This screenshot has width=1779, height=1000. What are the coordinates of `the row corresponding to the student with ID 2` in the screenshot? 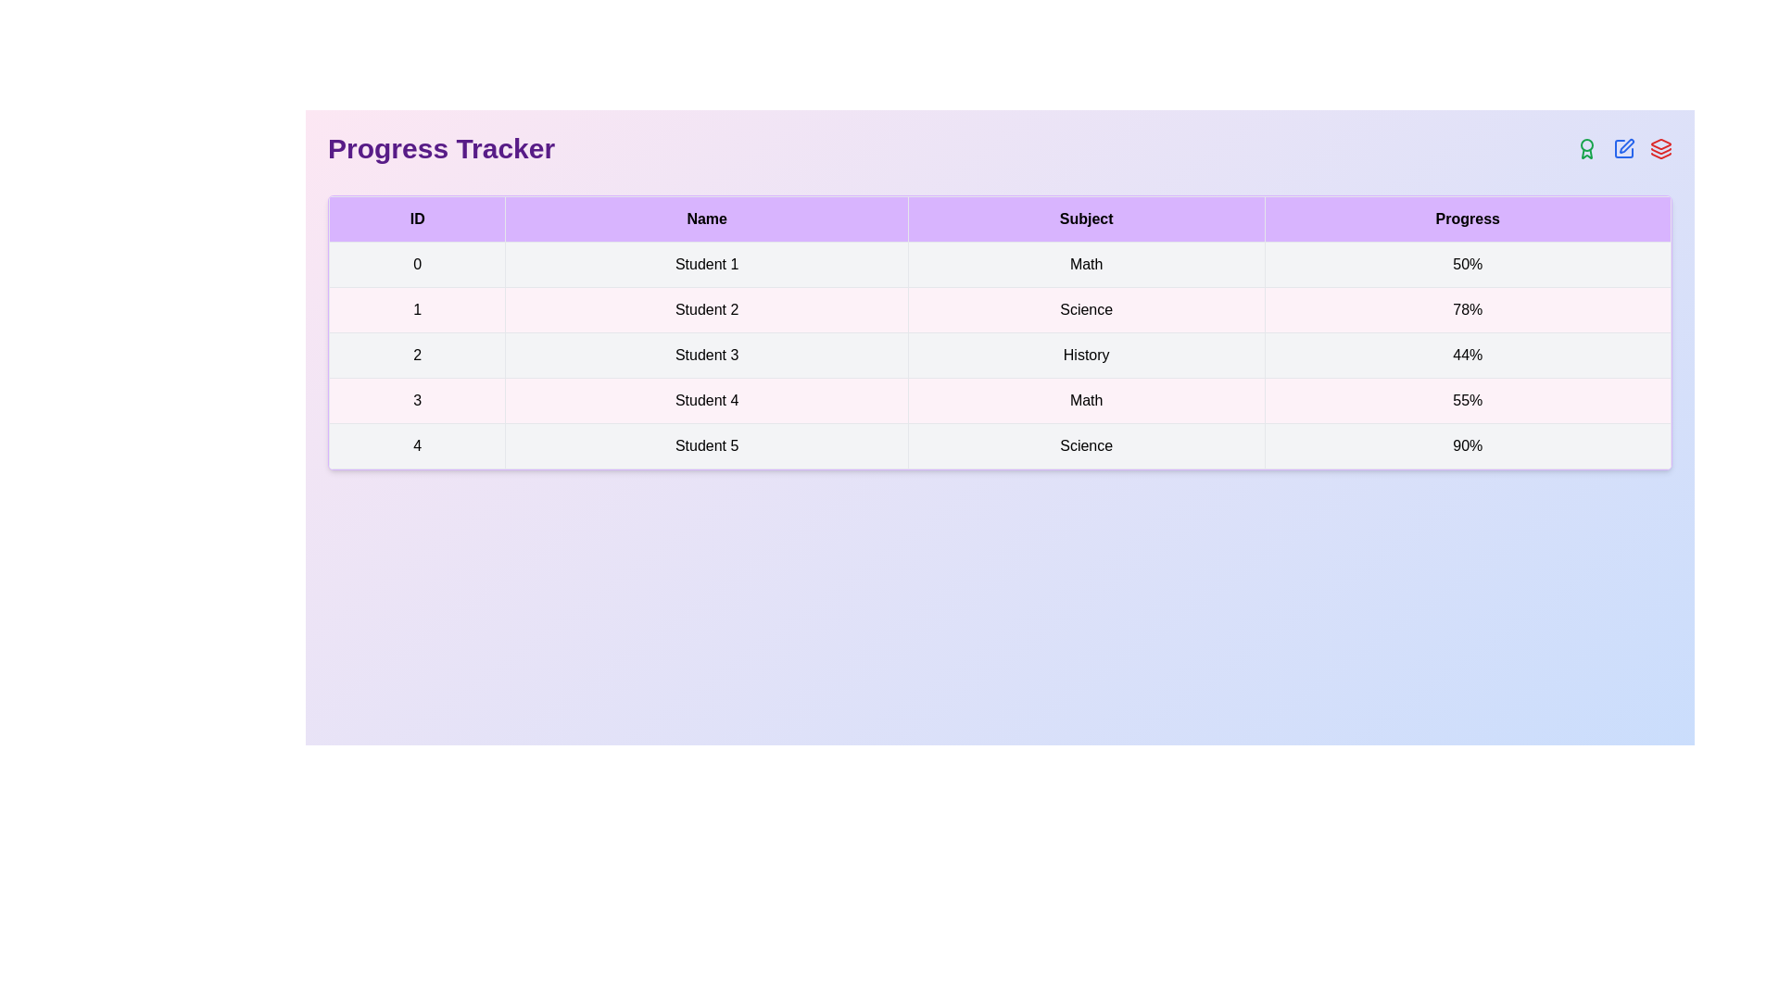 It's located at (999, 356).